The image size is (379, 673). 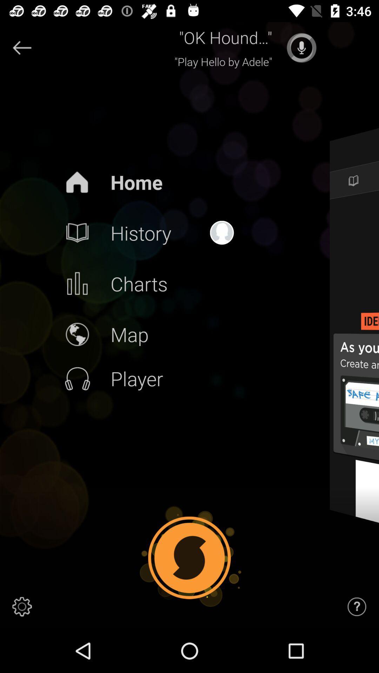 What do you see at coordinates (357, 606) in the screenshot?
I see `the help icon` at bounding box center [357, 606].